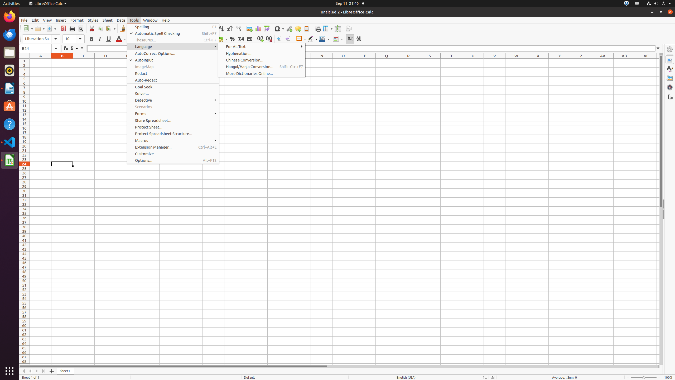 Image resolution: width=675 pixels, height=380 pixels. What do you see at coordinates (122, 28) in the screenshot?
I see `'Clone'` at bounding box center [122, 28].